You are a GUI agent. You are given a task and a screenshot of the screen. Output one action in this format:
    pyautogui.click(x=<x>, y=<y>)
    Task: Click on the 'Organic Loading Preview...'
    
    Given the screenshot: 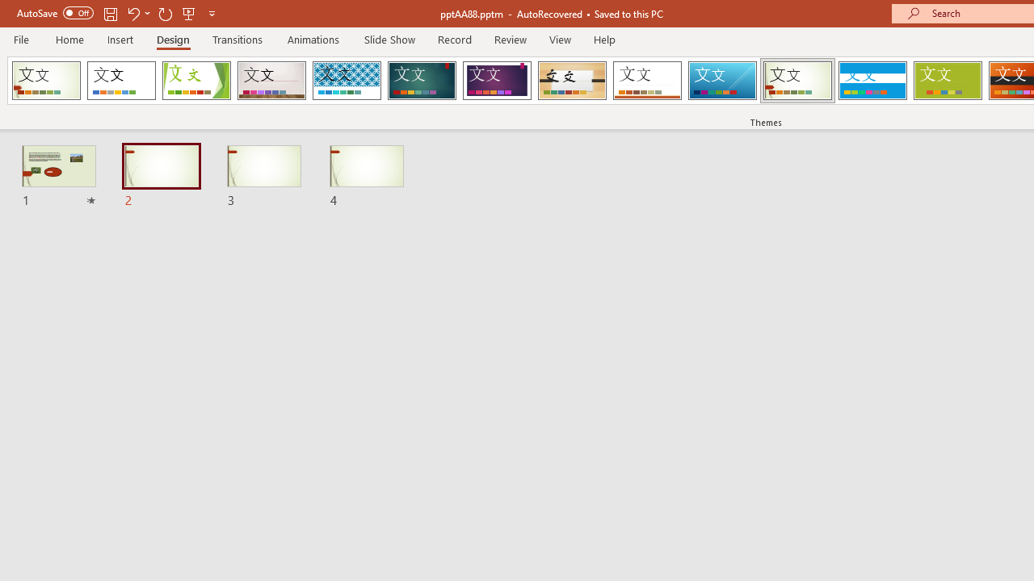 What is the action you would take?
    pyautogui.click(x=572, y=81)
    